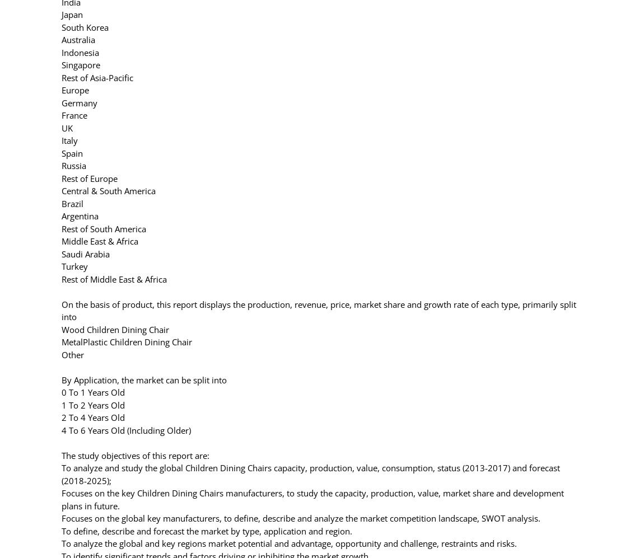 The height and width of the screenshot is (558, 644). Describe the element at coordinates (61, 429) in the screenshot. I see `'4 To 6 Years Old (Including Older)'` at that location.